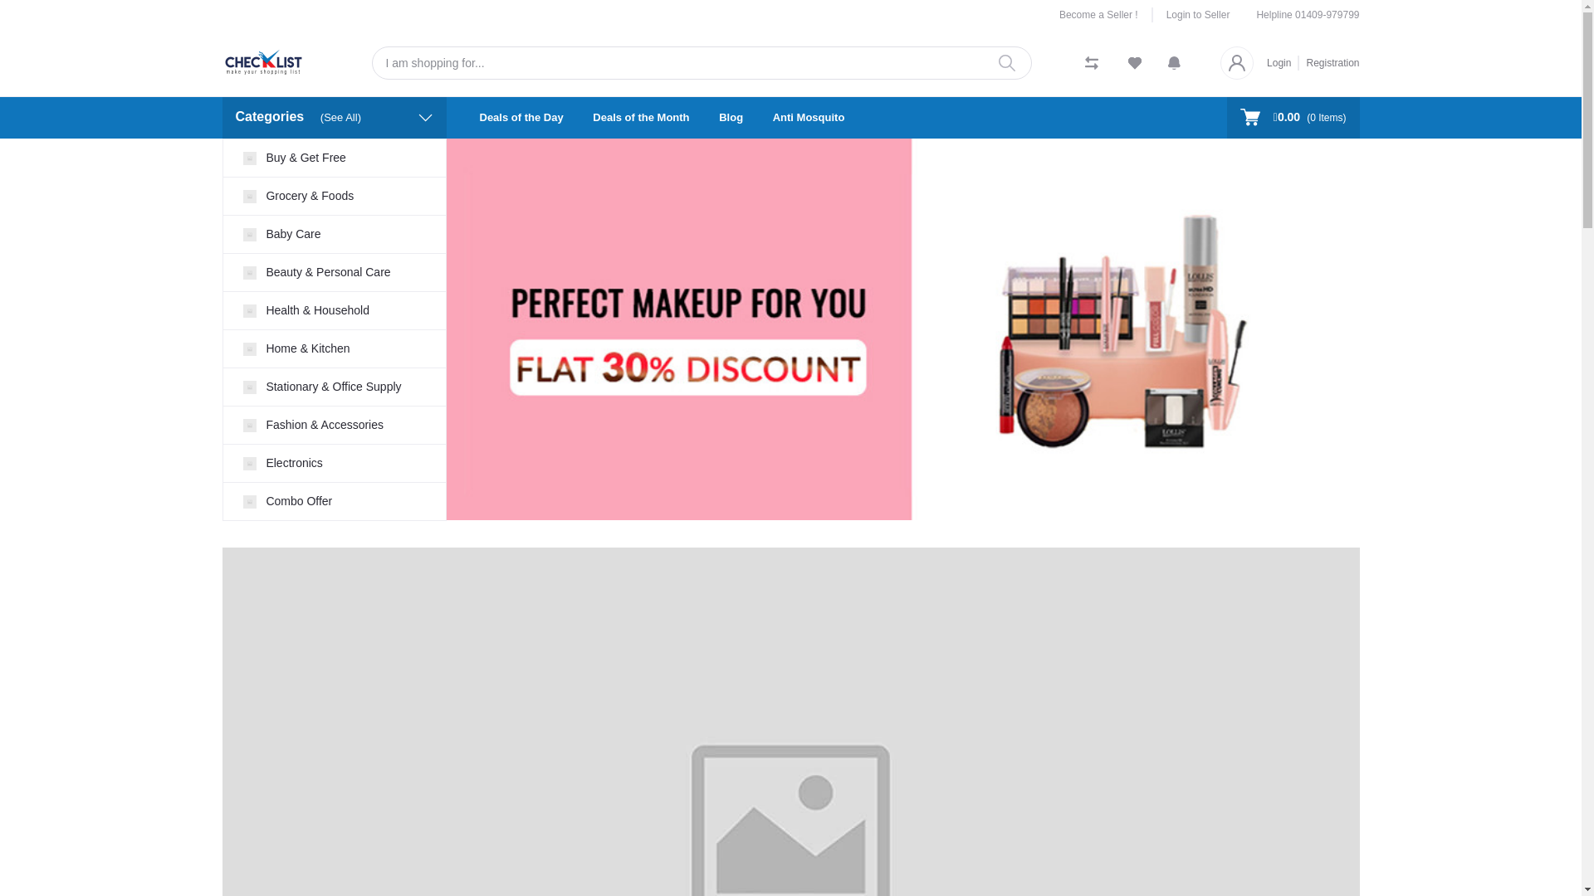  I want to click on 'Deals of the Day', so click(521, 117).